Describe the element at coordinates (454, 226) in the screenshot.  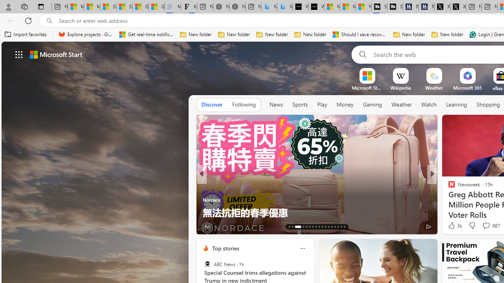
I see `'432 Like'` at that location.